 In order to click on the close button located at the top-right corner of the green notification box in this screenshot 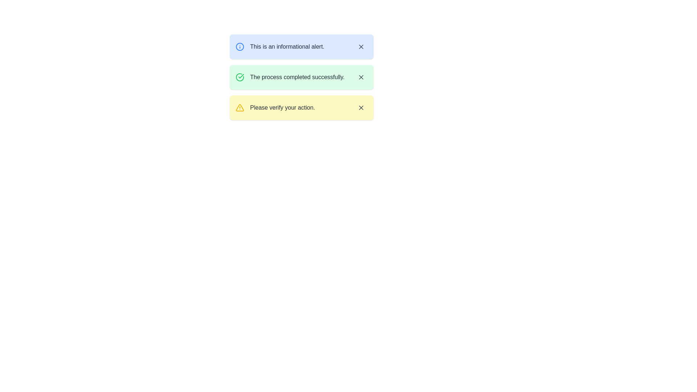, I will do `click(361, 77)`.